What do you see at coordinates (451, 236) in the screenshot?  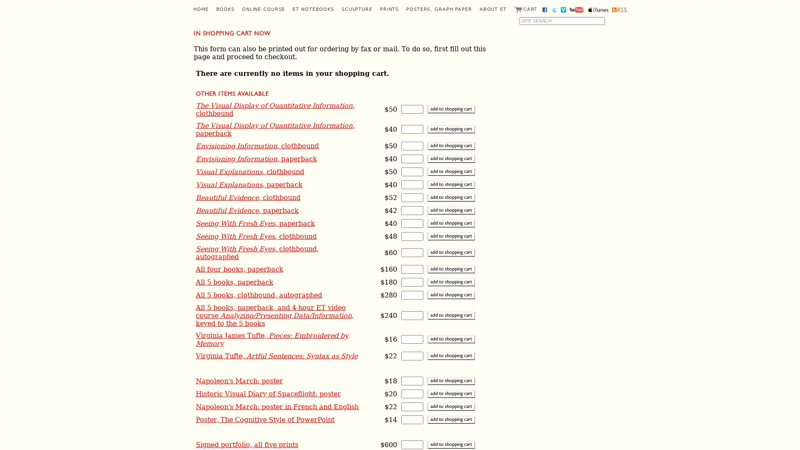 I see `add to shopping cart` at bounding box center [451, 236].